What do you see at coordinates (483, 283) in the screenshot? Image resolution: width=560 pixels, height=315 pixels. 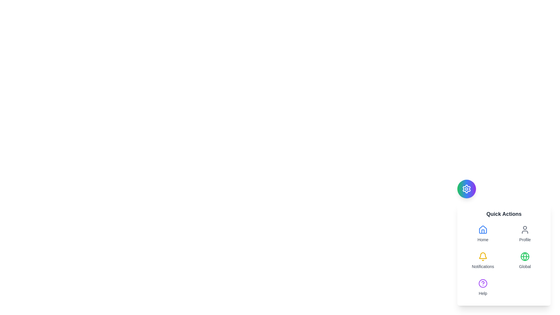 I see `the decorative help icon located at the bottom-right corner of the floating menu` at bounding box center [483, 283].